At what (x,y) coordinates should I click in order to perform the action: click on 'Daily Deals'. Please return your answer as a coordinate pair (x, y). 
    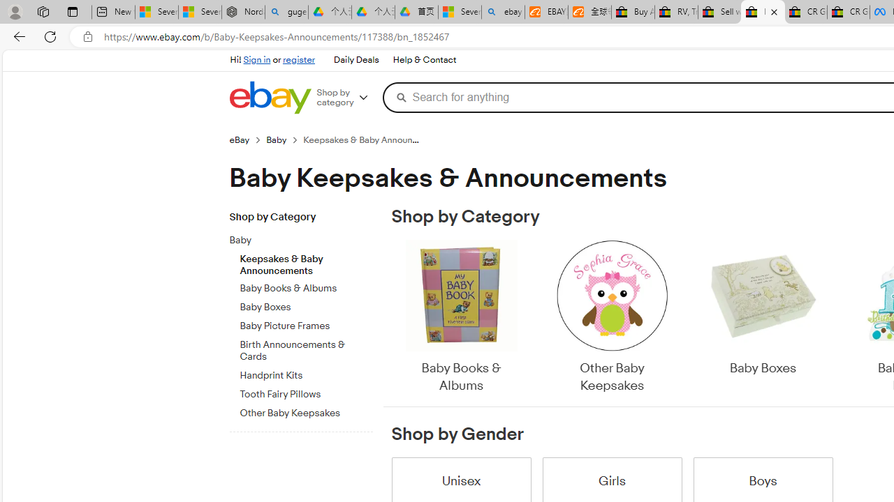
    Looking at the image, I should click on (356, 59).